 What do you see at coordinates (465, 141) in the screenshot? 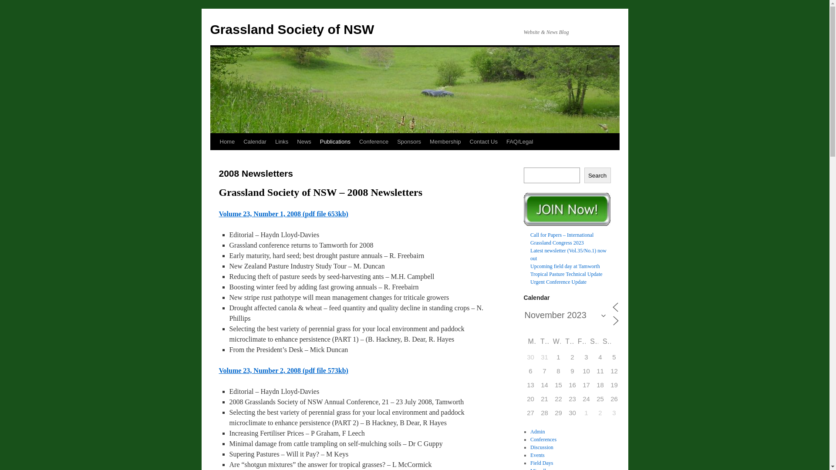
I see `'Contact Us'` at bounding box center [465, 141].